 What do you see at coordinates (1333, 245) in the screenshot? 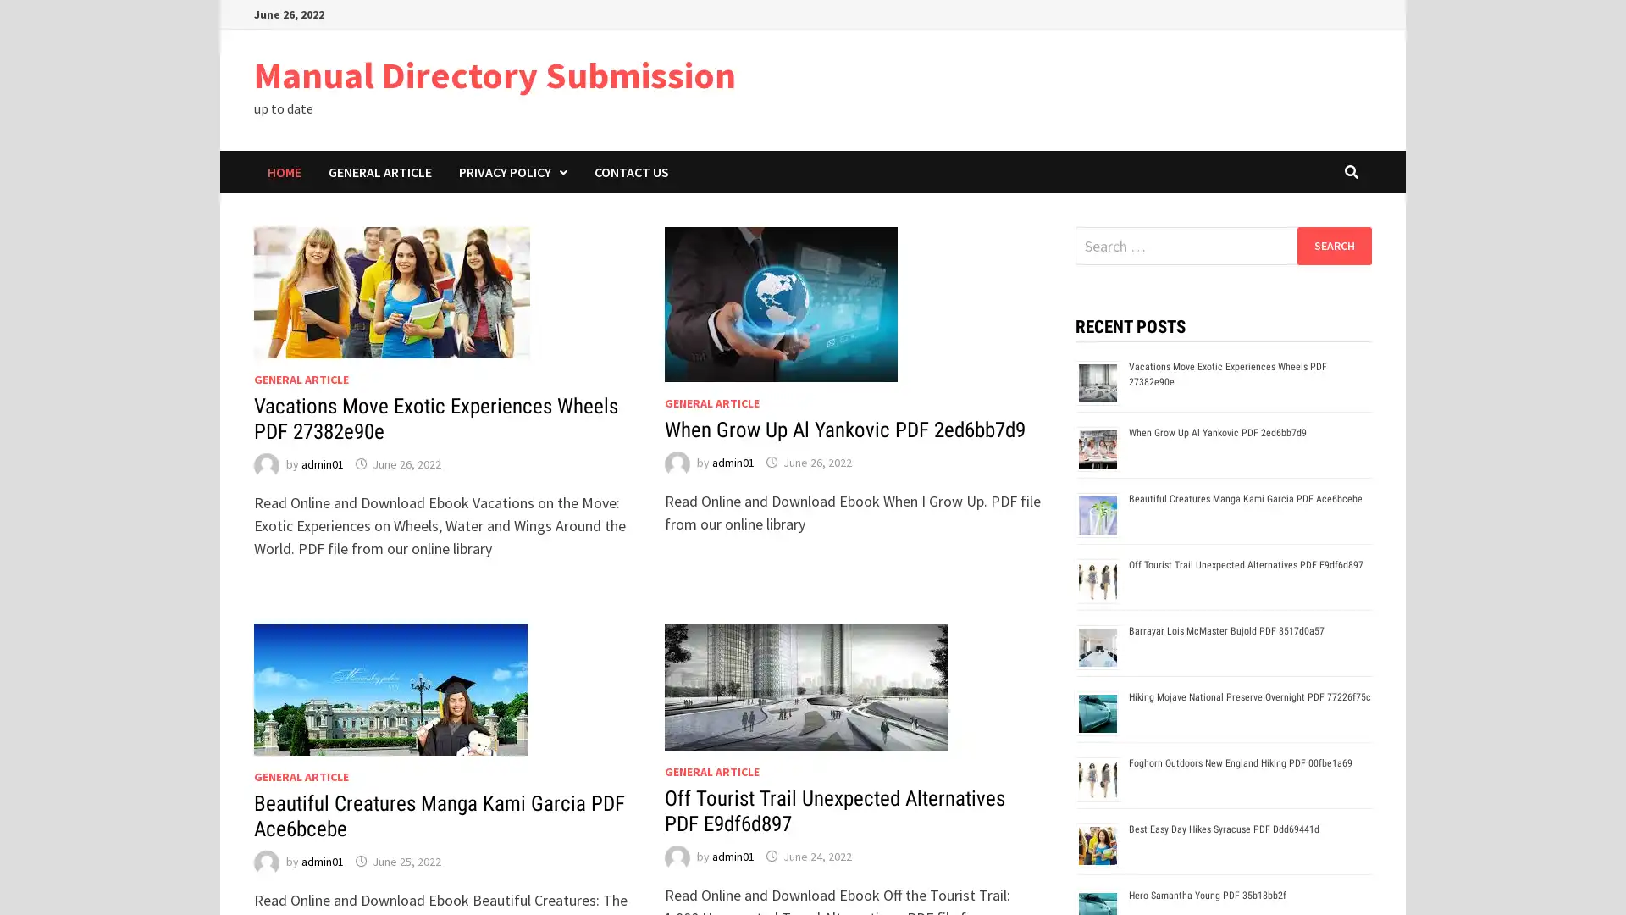
I see `Search` at bounding box center [1333, 245].